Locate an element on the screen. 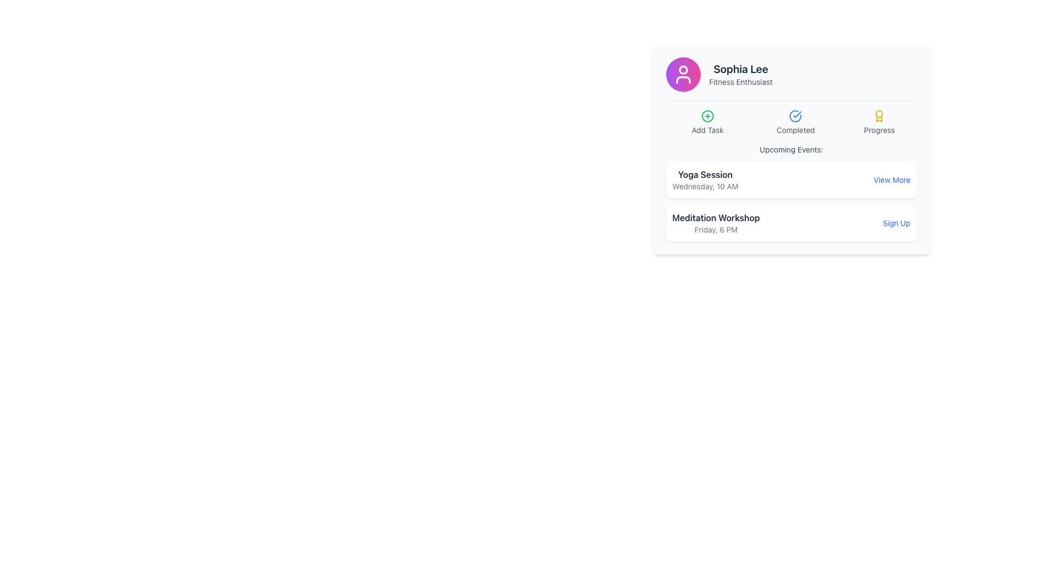 This screenshot has width=1039, height=584. the text label indicating upcoming events, which is positioned at the top of the card interface displaying user details and activities is located at coordinates (791, 150).